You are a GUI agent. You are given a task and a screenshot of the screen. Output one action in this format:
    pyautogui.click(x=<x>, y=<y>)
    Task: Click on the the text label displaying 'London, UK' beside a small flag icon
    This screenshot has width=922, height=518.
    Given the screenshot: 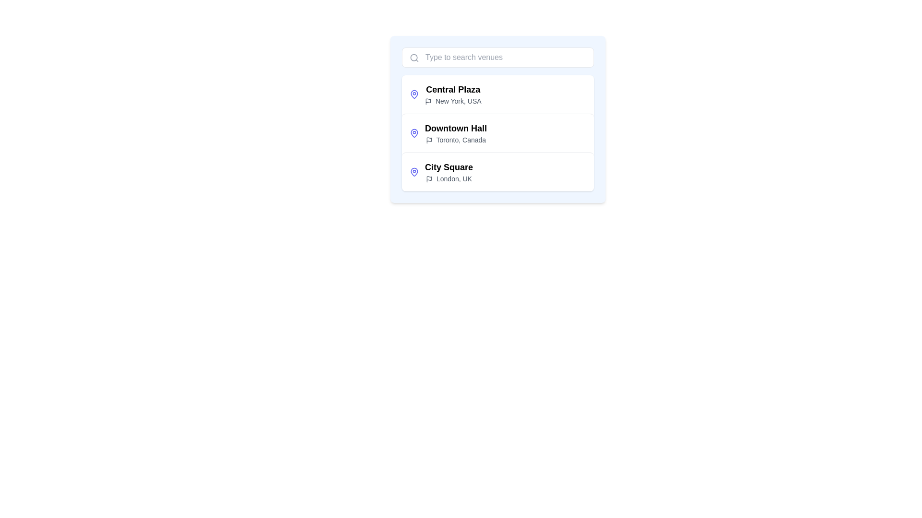 What is the action you would take?
    pyautogui.click(x=449, y=179)
    